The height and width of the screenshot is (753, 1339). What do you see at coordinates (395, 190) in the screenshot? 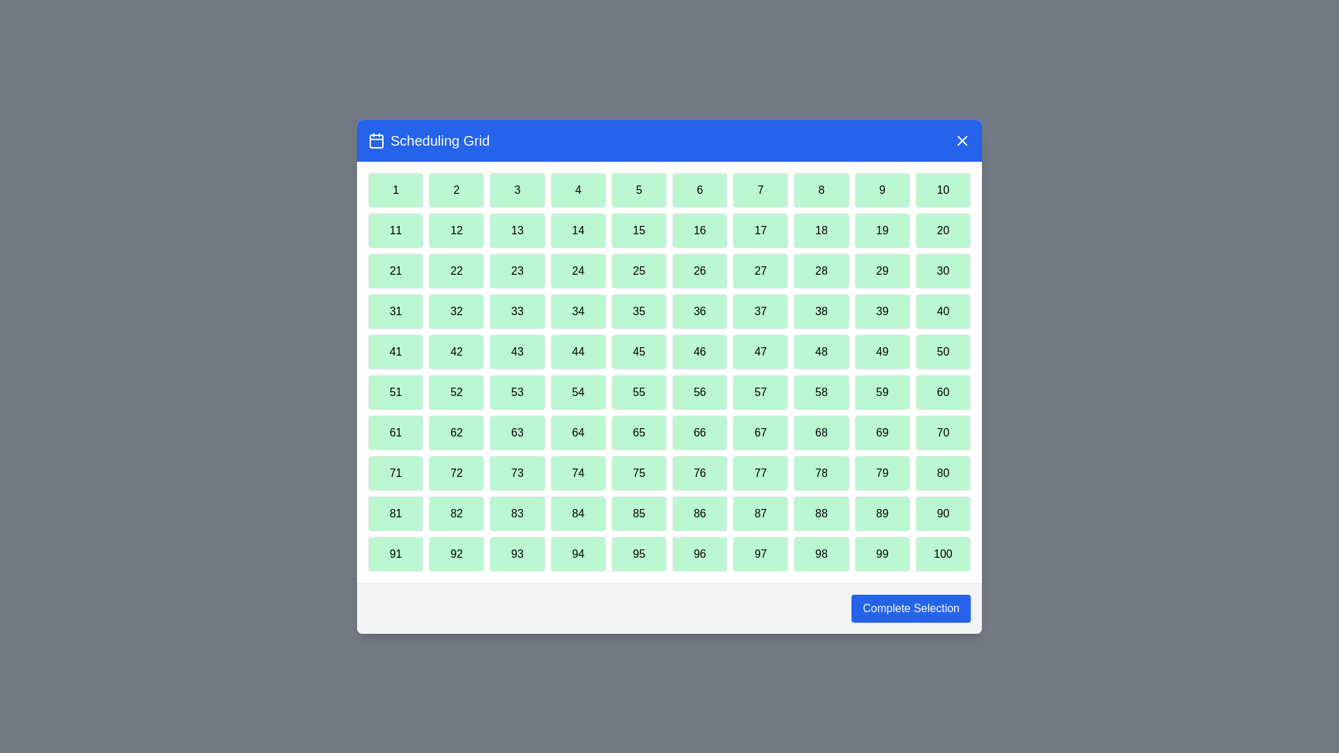
I see `the cell with the number 1` at bounding box center [395, 190].